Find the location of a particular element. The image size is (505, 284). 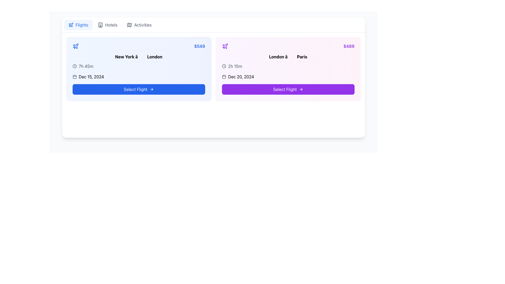

the text label displaying the price '$489' in bold purple font located in the top-right corner of the card representing travel information is located at coordinates (349, 46).